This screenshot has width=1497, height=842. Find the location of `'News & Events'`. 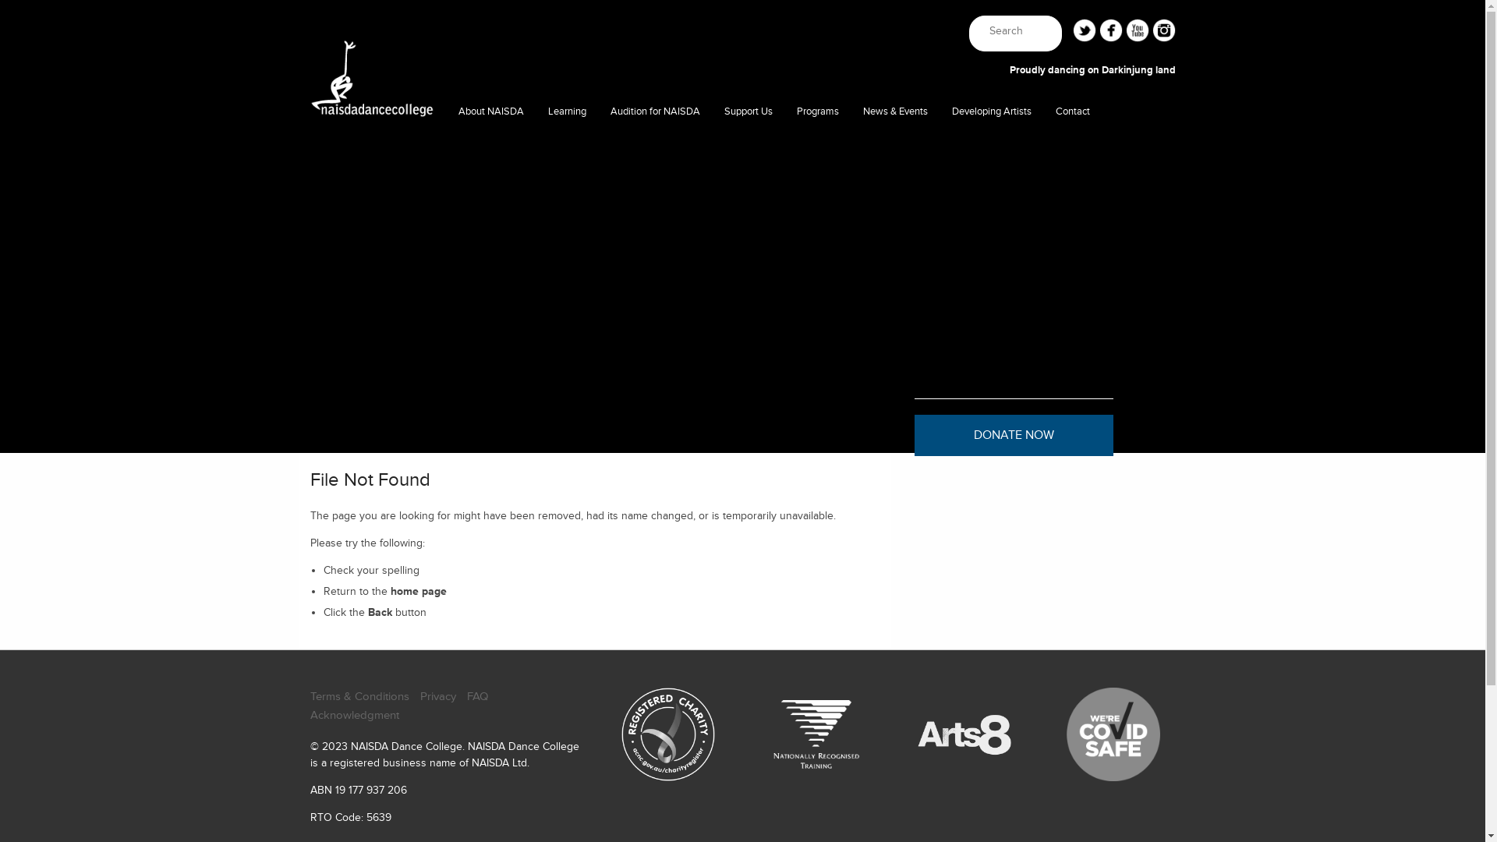

'News & Events' is located at coordinates (895, 111).